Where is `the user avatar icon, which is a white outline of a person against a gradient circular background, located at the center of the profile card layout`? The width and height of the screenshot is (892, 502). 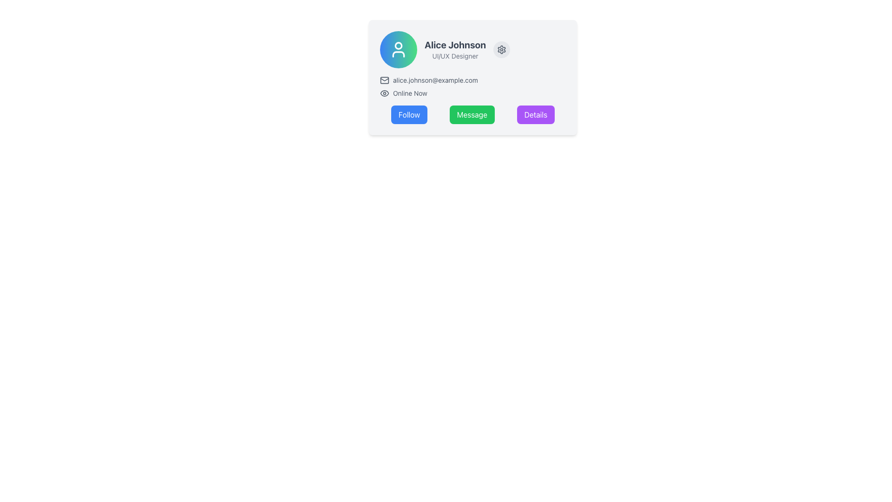 the user avatar icon, which is a white outline of a person against a gradient circular background, located at the center of the profile card layout is located at coordinates (399, 50).